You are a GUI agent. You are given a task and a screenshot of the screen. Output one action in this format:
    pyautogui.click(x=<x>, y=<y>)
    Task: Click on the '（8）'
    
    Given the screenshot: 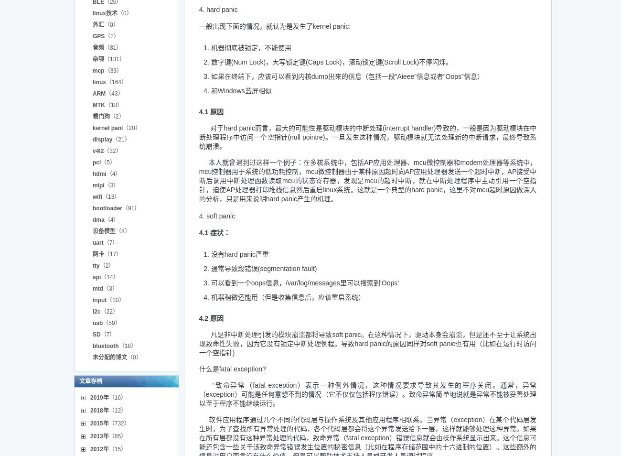 What is the action you would take?
    pyautogui.click(x=115, y=230)
    